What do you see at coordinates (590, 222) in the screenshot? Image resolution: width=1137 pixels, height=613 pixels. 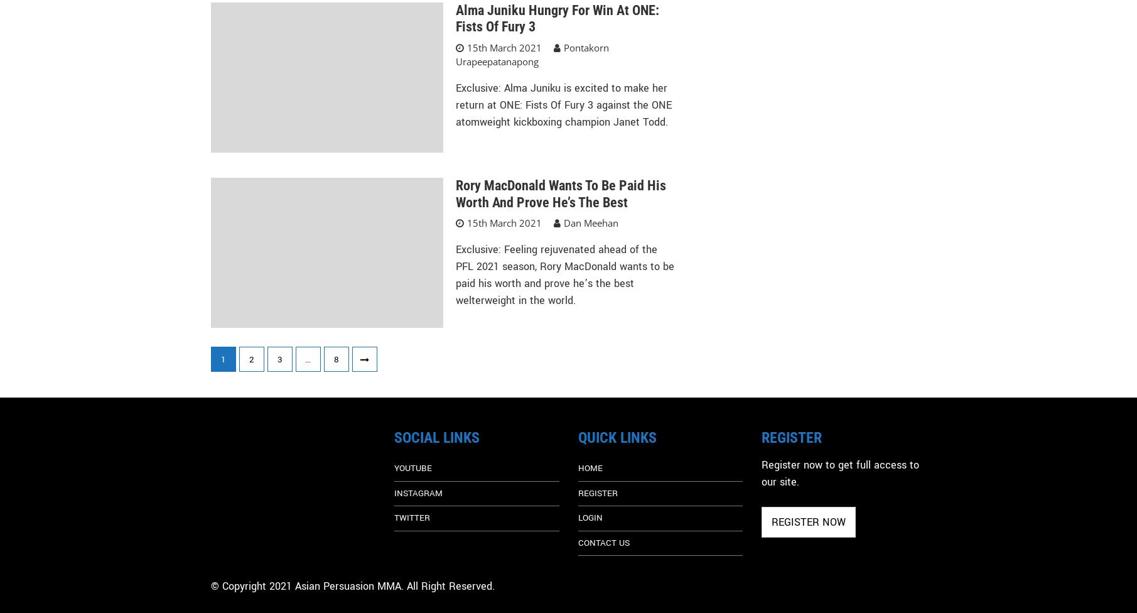 I see `'Dan Meehan'` at bounding box center [590, 222].